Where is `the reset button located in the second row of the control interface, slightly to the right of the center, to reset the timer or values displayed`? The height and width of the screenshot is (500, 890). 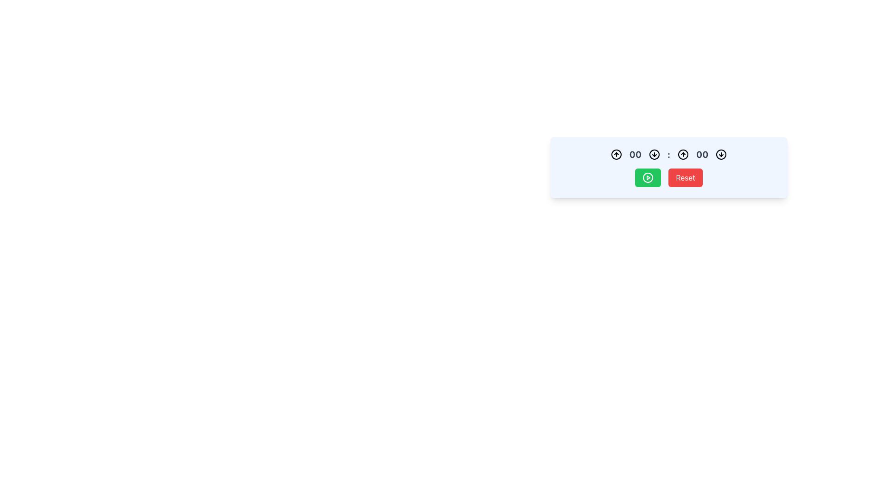 the reset button located in the second row of the control interface, slightly to the right of the center, to reset the timer or values displayed is located at coordinates (669, 168).